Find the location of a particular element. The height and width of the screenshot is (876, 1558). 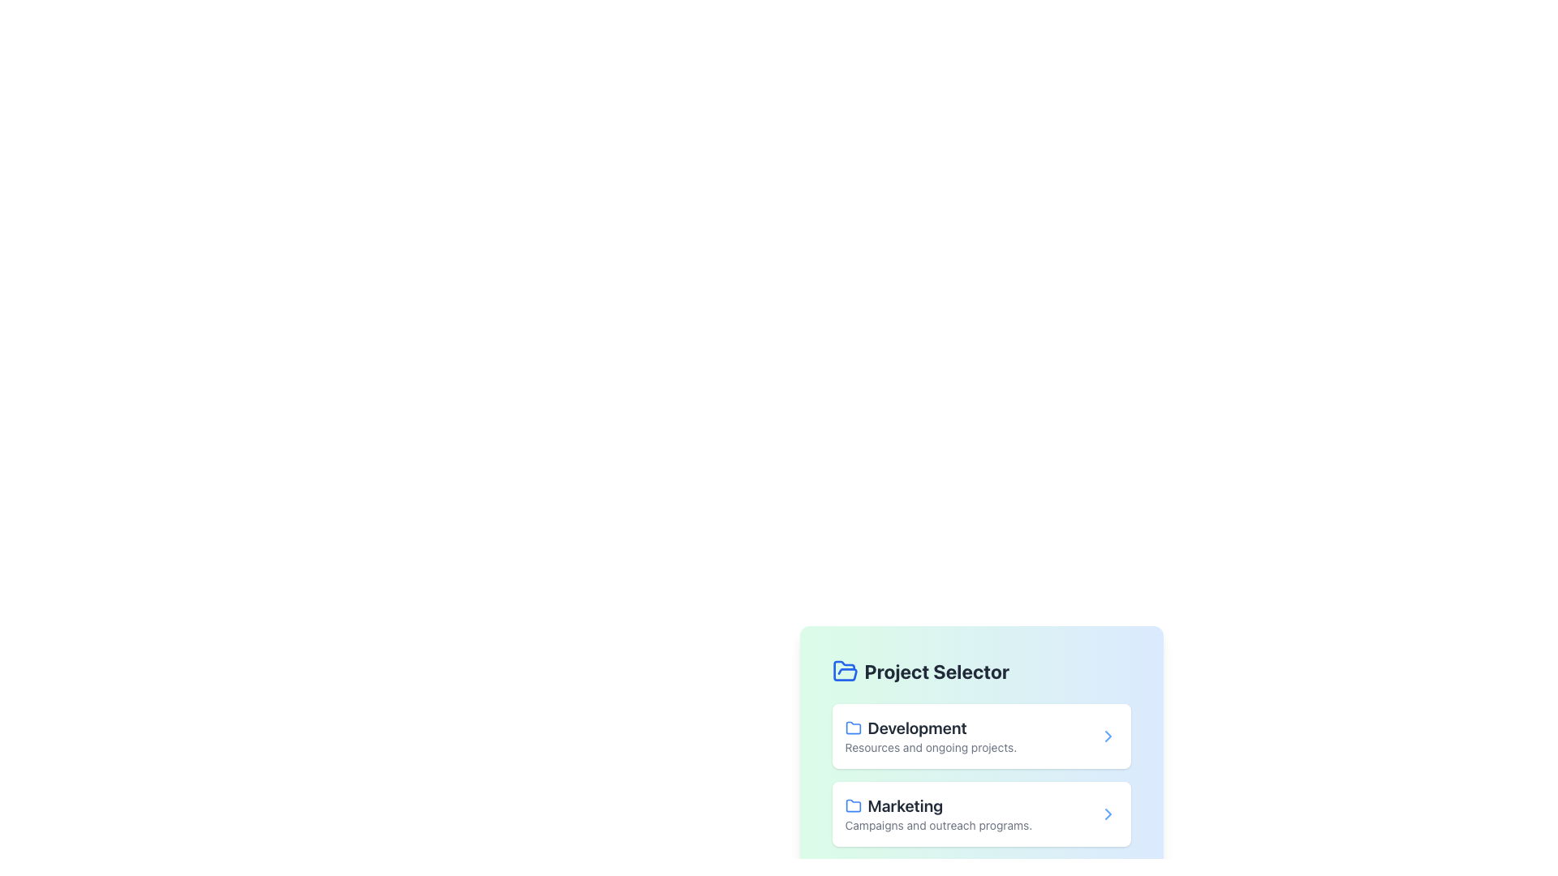

the 'Marketing' text label, which is styled with a bold dark gray font and has a blue folder icon on its left is located at coordinates (938, 806).